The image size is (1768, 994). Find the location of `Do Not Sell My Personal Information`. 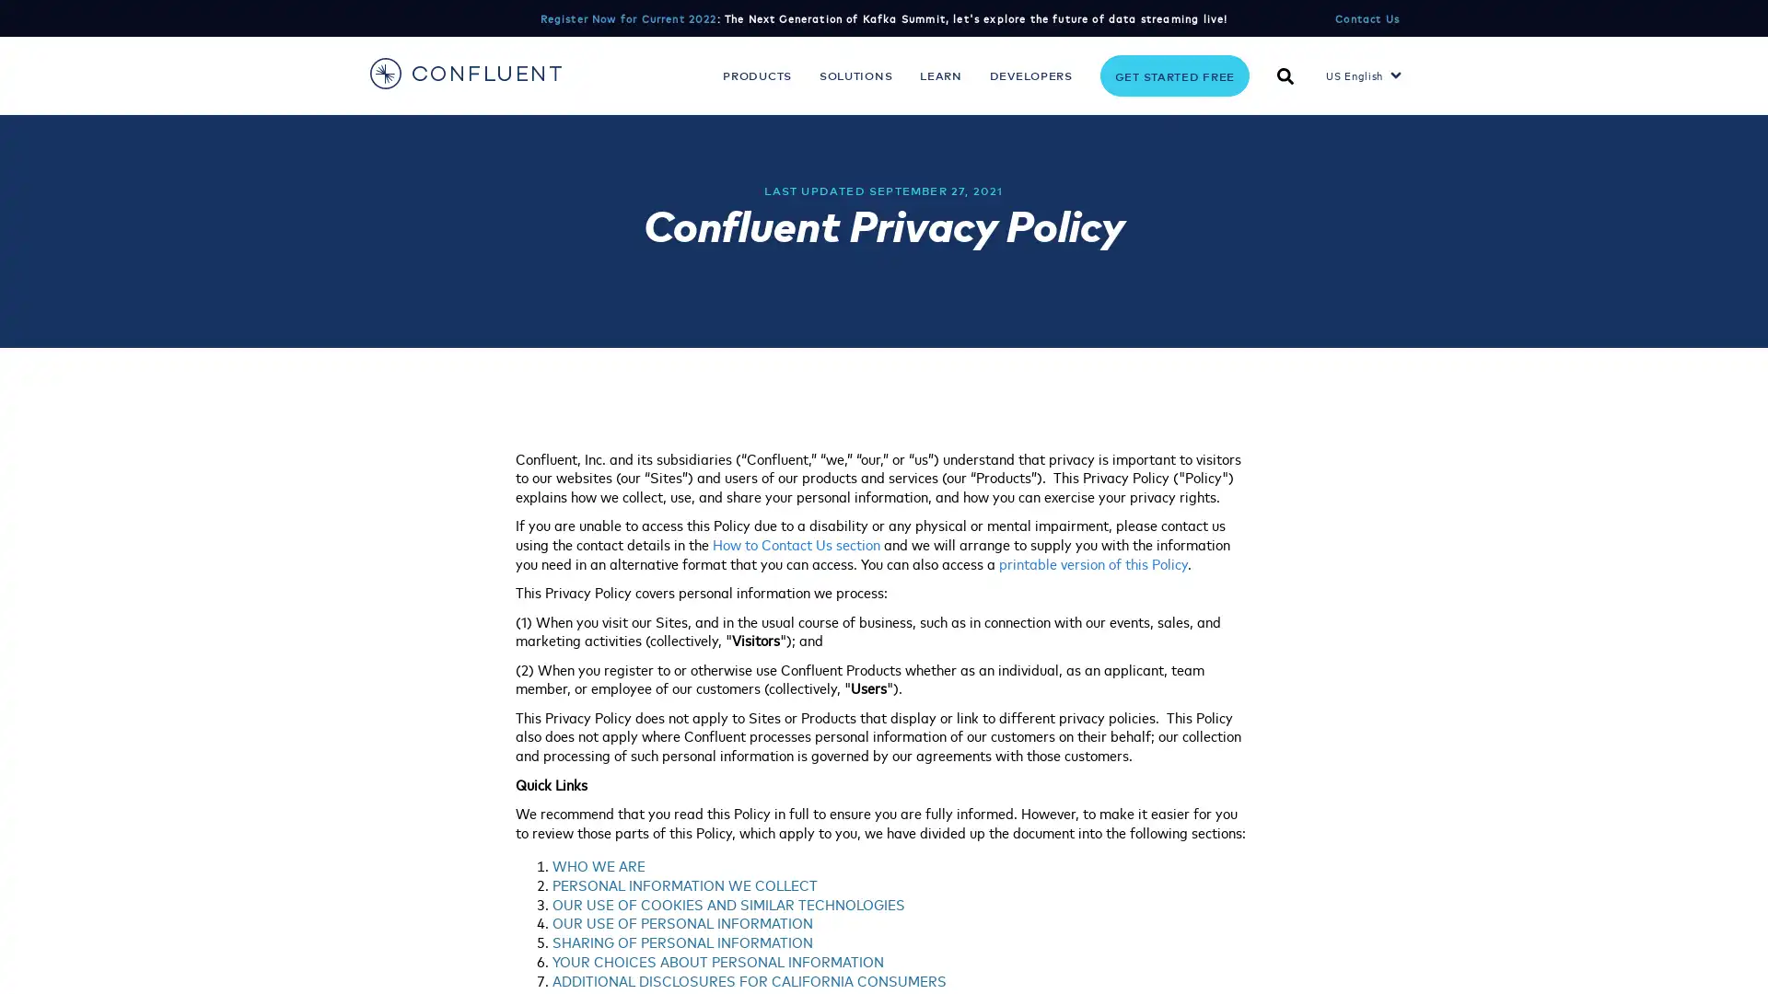

Do Not Sell My Personal Information is located at coordinates (1288, 954).